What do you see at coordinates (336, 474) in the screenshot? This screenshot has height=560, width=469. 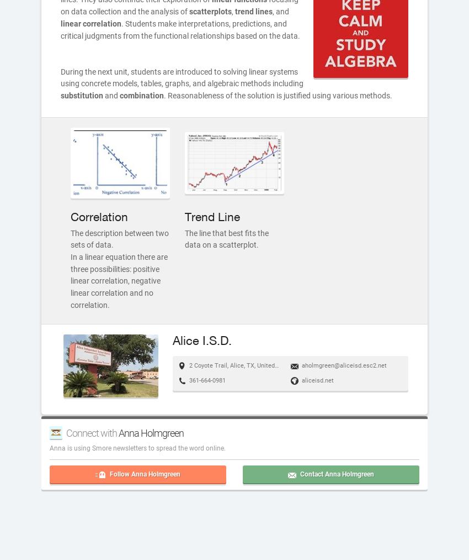 I see `'Contact Anna Holmgreen'` at bounding box center [336, 474].